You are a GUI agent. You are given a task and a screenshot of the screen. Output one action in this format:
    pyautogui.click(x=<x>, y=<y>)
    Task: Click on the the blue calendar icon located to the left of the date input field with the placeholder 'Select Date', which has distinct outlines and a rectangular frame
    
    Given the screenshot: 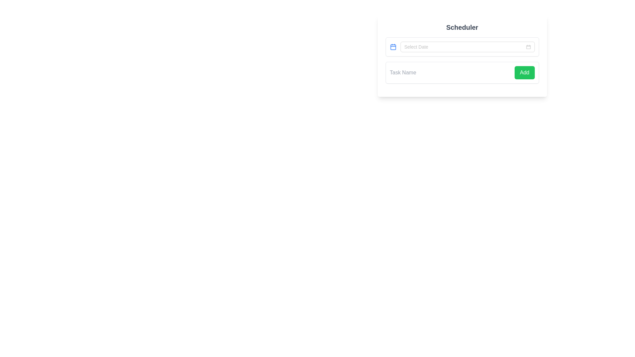 What is the action you would take?
    pyautogui.click(x=393, y=47)
    